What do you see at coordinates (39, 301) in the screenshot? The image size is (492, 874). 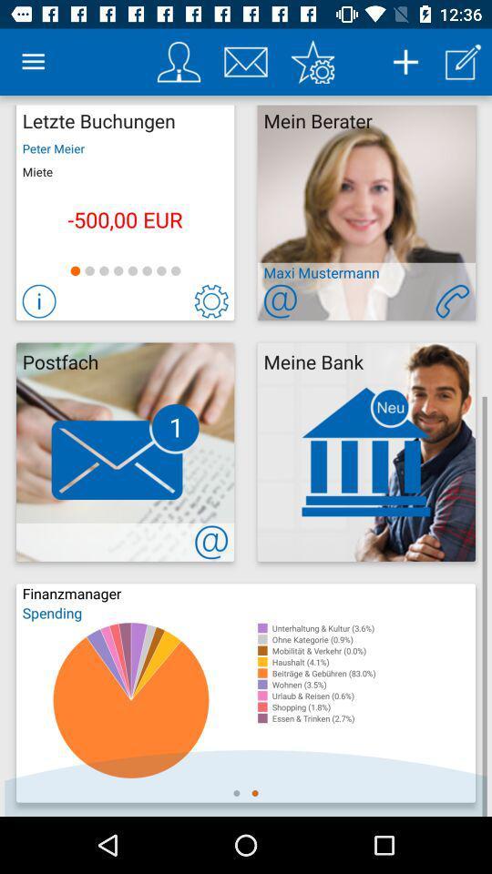 I see `button for more informations` at bounding box center [39, 301].